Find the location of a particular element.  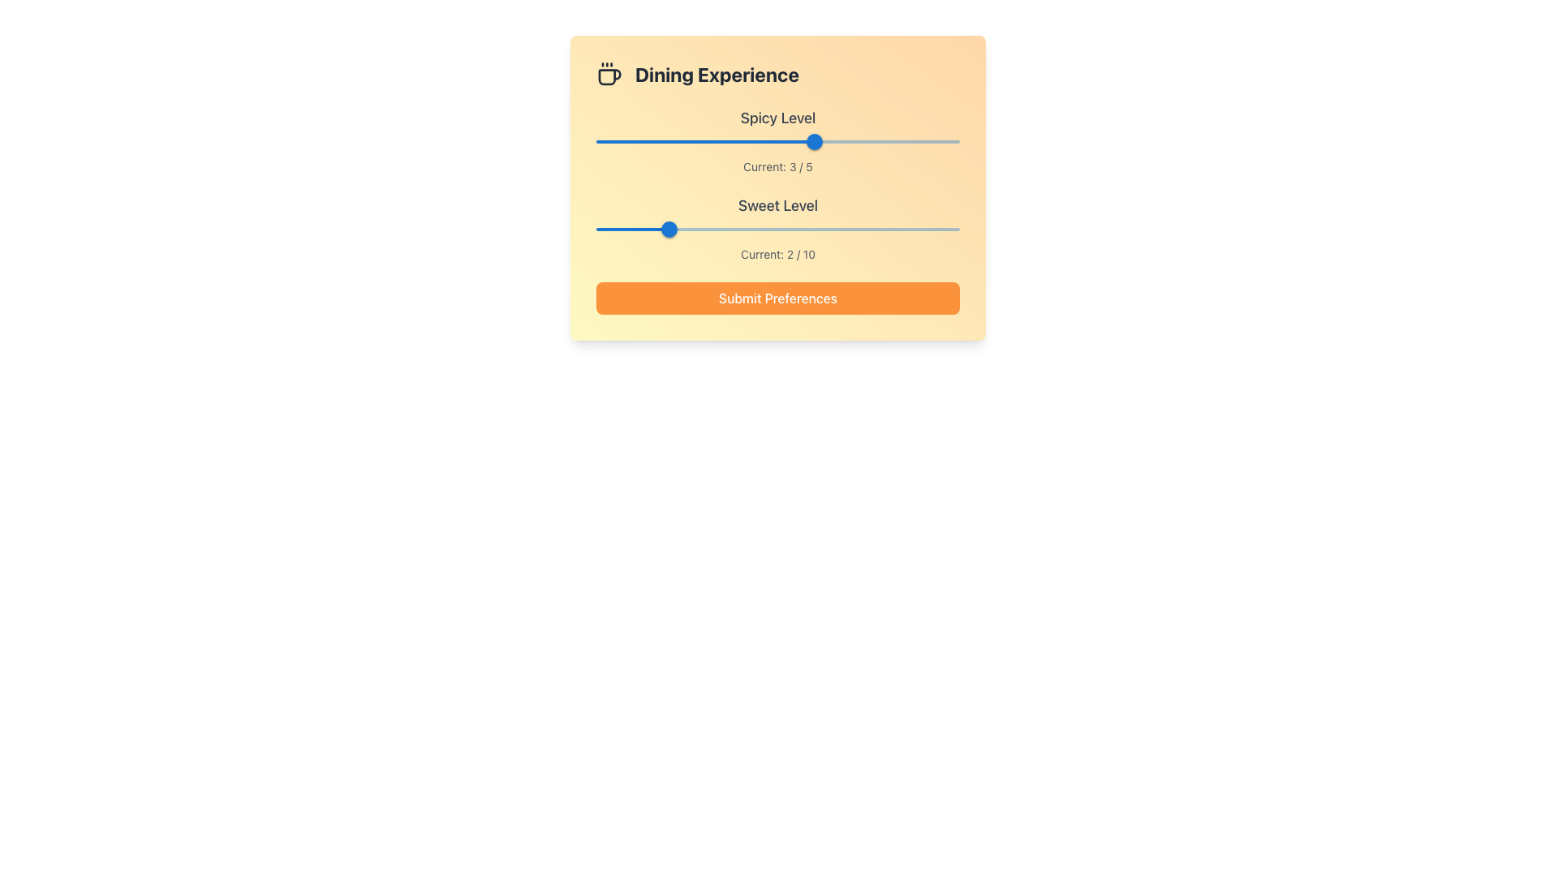

the Slider Rail element of the first slider in the 'Dining Experience' card, which is positioned horizontally above the 'Current: 3 / 5' text and below the 'Spicy Level' label is located at coordinates (777, 140).